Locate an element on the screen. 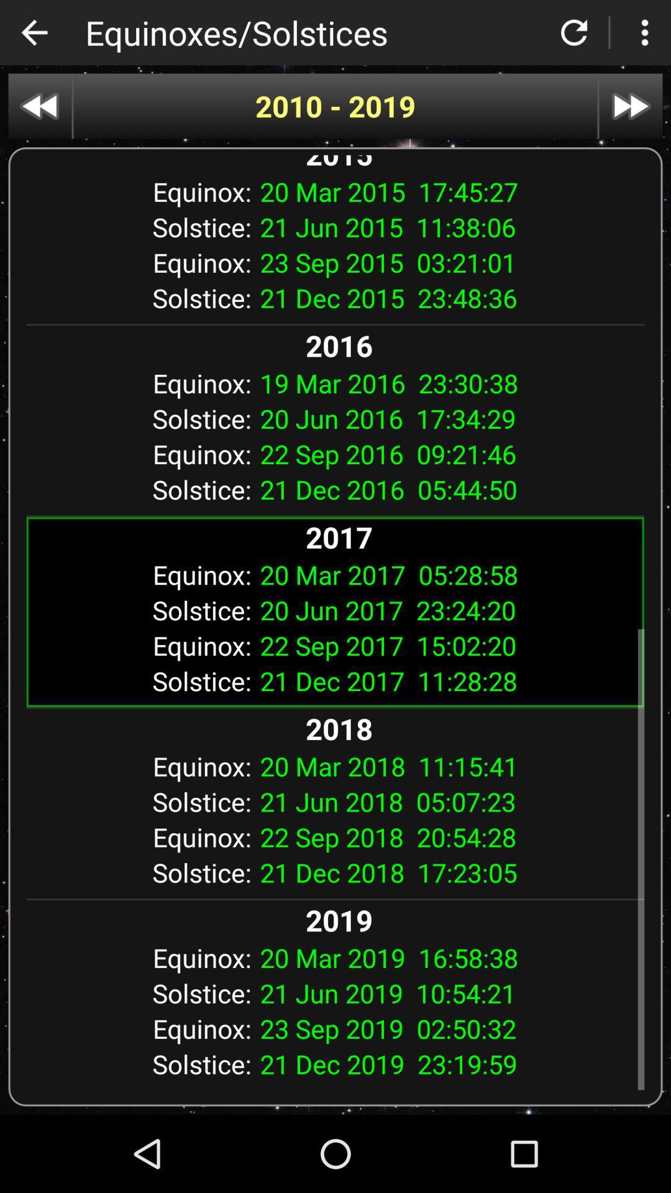 The width and height of the screenshot is (671, 1193). the app to the right of equinox: item is located at coordinates (447, 382).